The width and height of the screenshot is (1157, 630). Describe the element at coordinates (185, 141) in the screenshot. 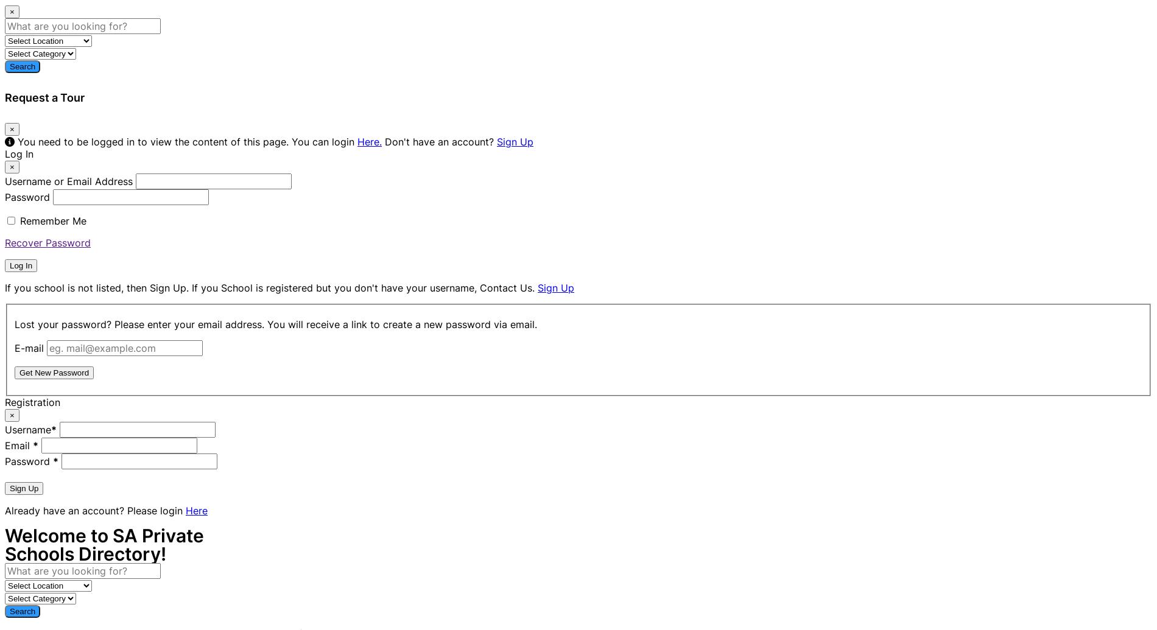

I see `'You need to be logged in to view the content of this page. You can login'` at that location.